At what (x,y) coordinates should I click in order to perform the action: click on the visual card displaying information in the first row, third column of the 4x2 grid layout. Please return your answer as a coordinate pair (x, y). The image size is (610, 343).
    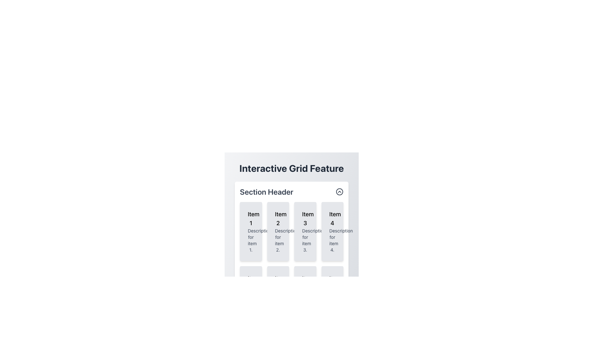
    Looking at the image, I should click on (305, 232).